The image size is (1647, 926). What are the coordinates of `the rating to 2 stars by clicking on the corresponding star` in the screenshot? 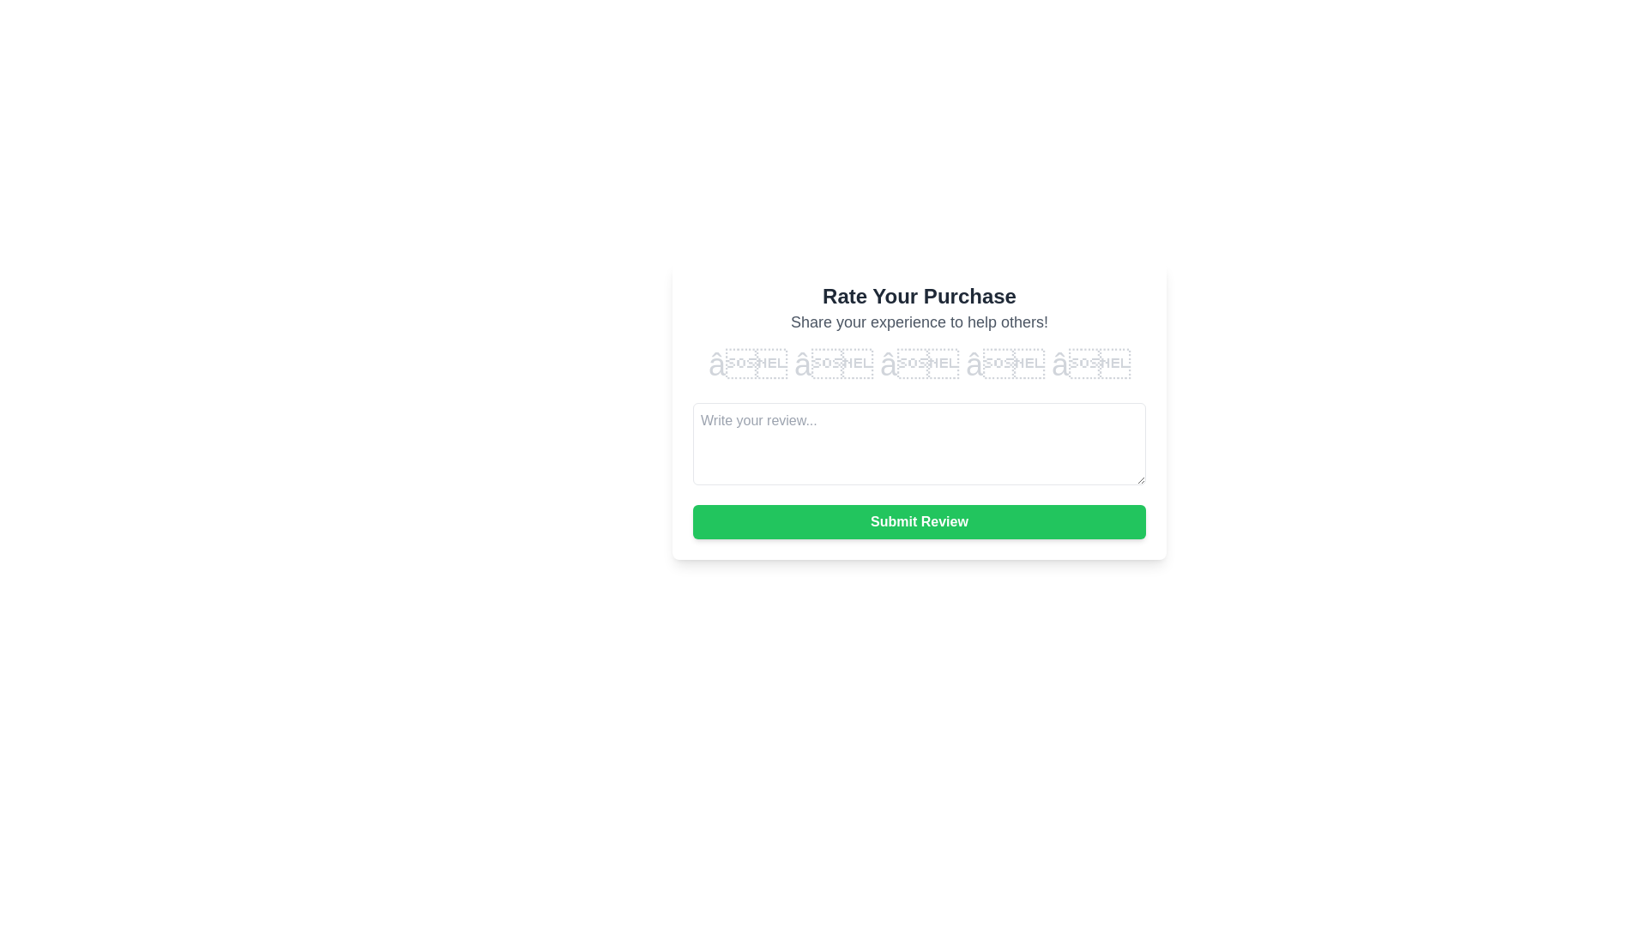 It's located at (833, 364).